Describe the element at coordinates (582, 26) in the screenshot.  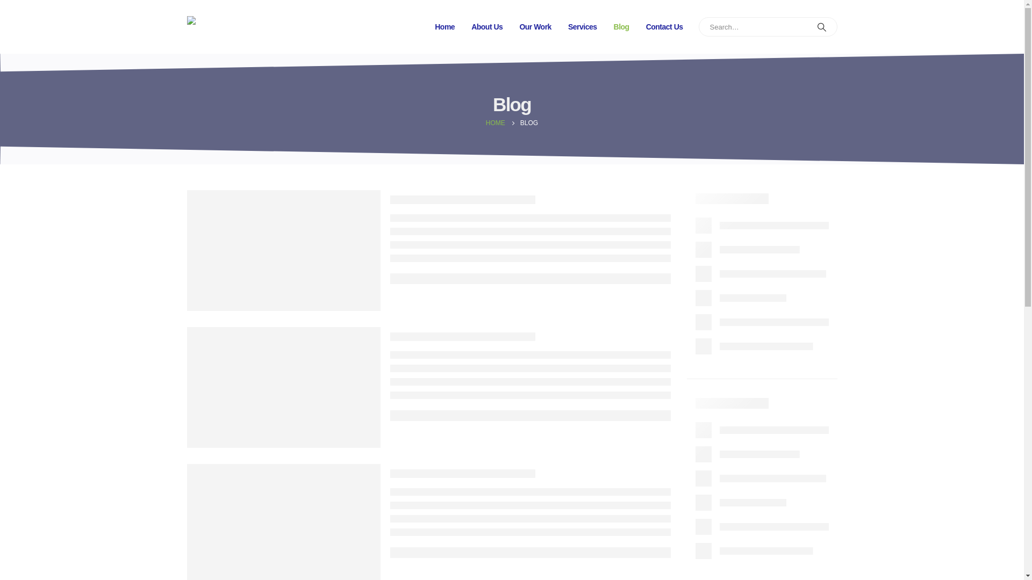
I see `'Services'` at that location.